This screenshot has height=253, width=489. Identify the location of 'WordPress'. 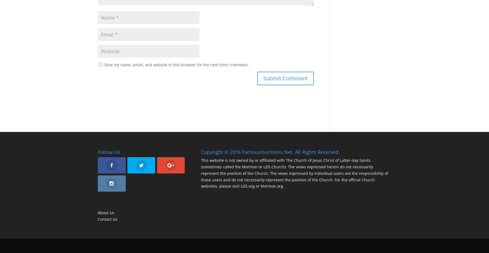
(187, 245).